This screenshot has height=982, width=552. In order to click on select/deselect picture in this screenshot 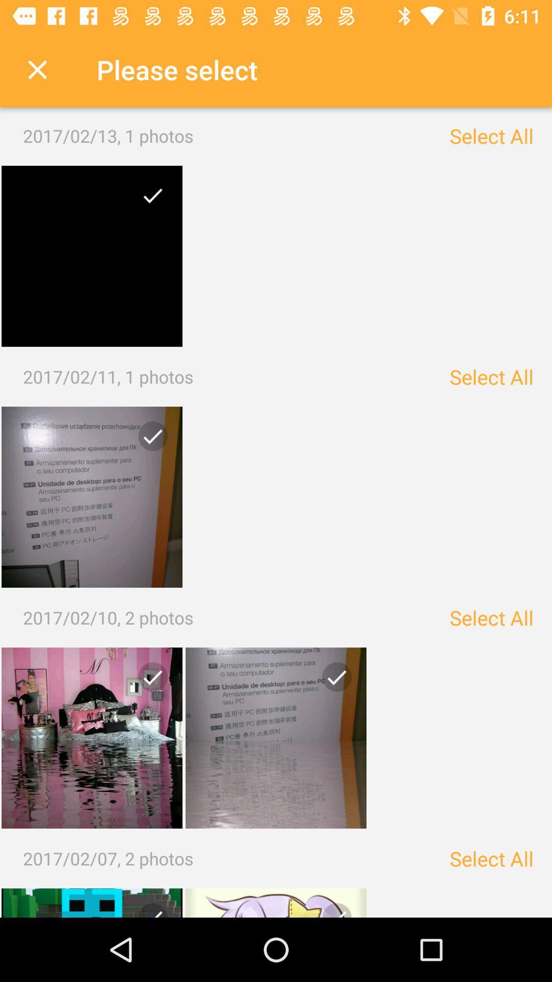, I will do `click(276, 738)`.